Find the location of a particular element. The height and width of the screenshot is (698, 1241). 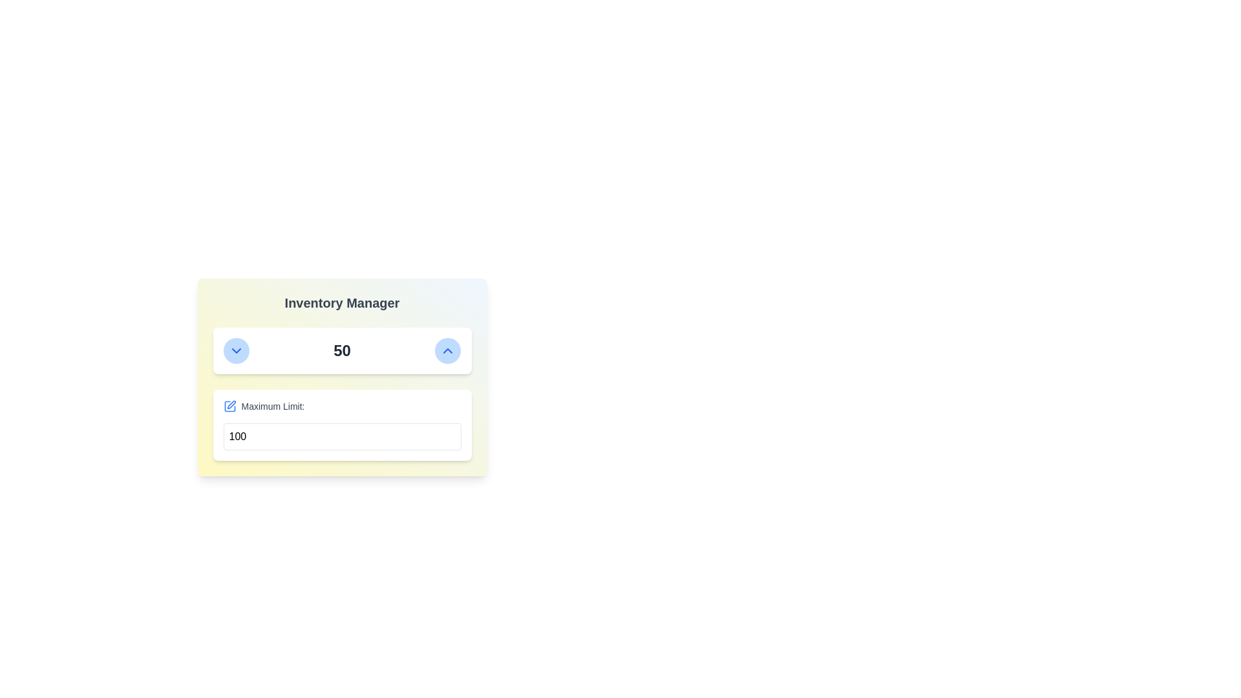

the static text label displaying the number '50', located at the center of a horizontal rectangular card between two interactive circular buttons is located at coordinates (342, 351).